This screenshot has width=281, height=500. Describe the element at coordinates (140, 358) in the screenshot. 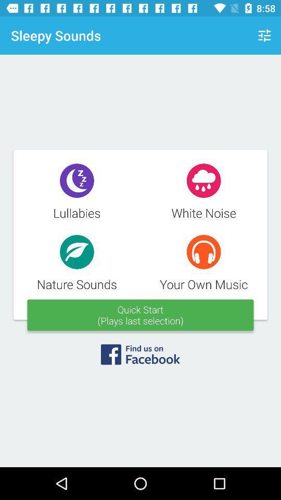

I see `open facebook` at that location.